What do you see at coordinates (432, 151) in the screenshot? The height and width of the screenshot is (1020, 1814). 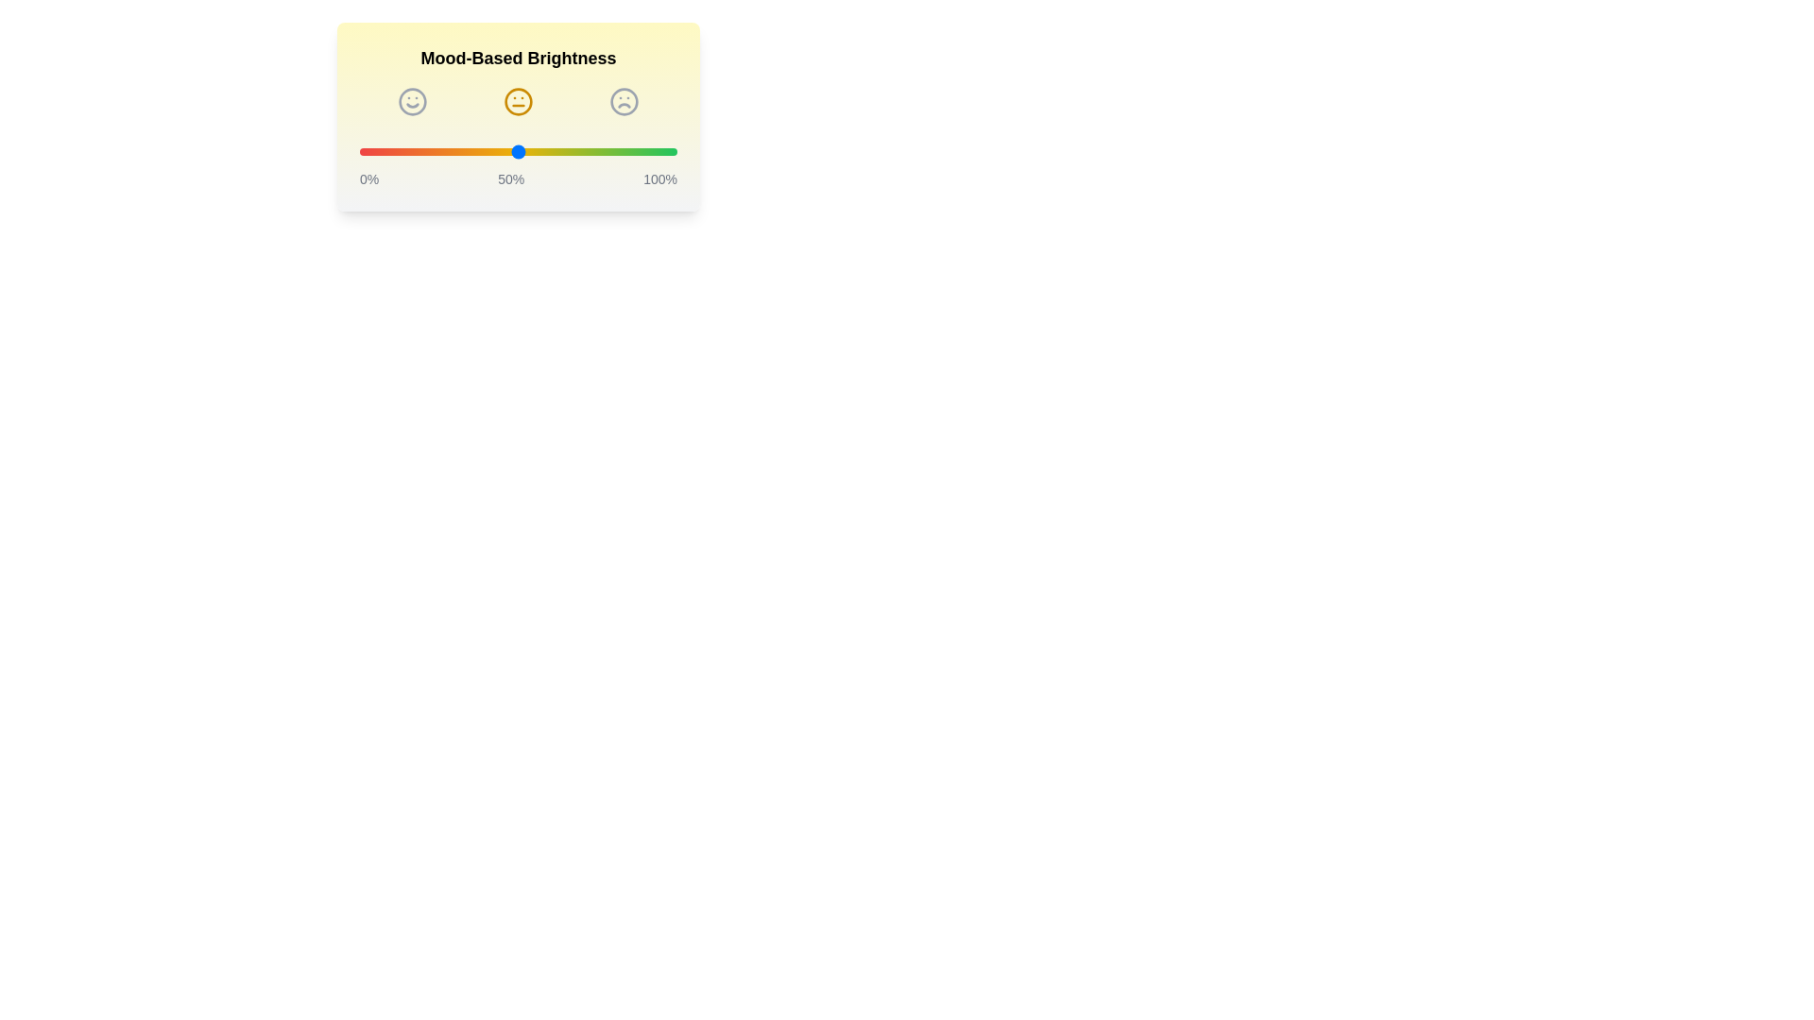 I see `the brightness slider to 23%` at bounding box center [432, 151].